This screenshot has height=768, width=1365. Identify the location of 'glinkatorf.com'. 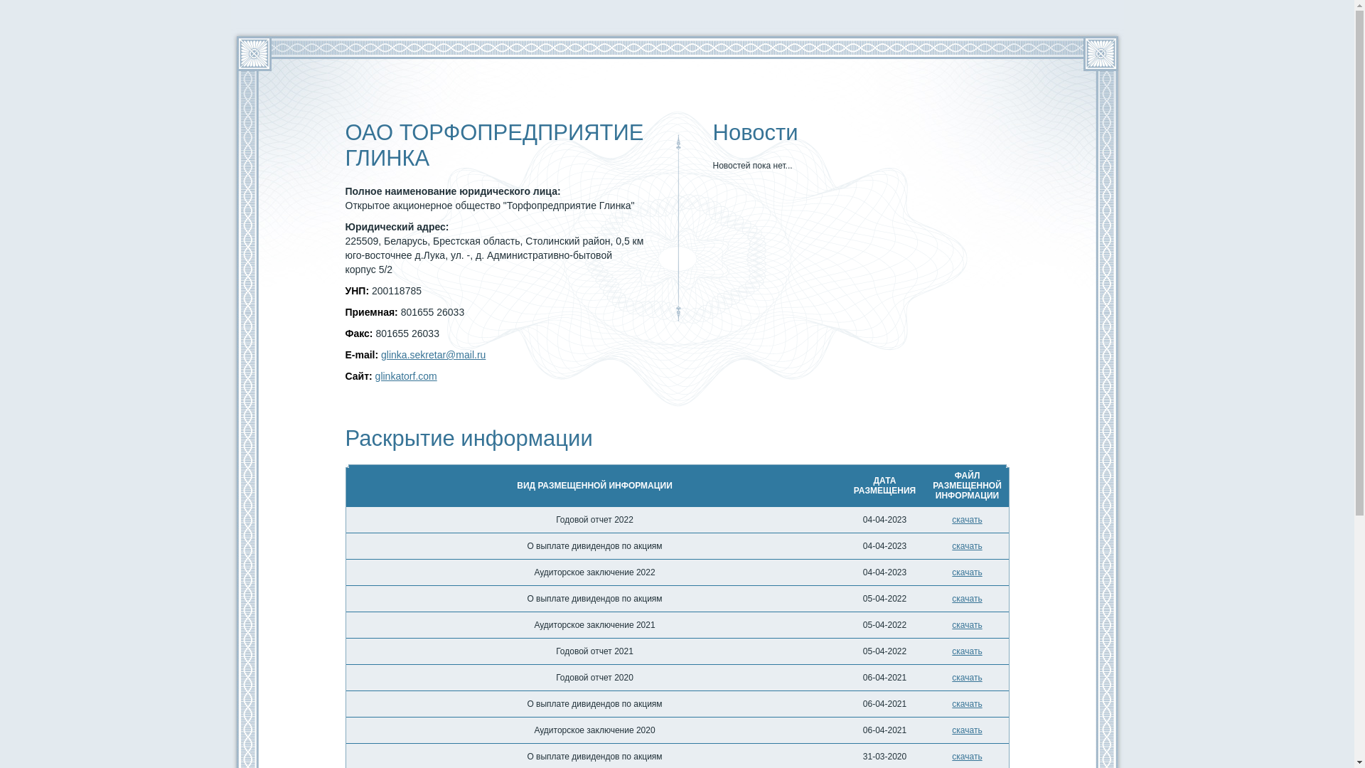
(405, 375).